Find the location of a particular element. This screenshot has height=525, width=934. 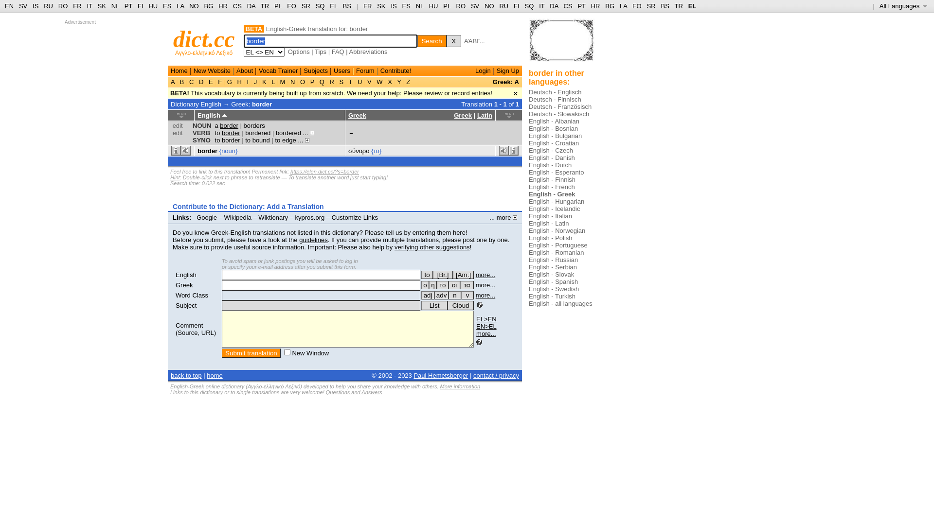

'C' is located at coordinates (191, 81).